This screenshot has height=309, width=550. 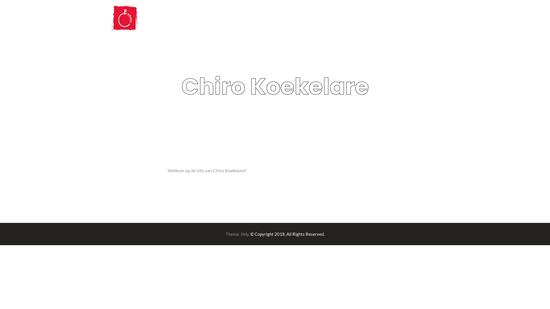 I want to click on 'Fotogalerij', so click(x=394, y=19).